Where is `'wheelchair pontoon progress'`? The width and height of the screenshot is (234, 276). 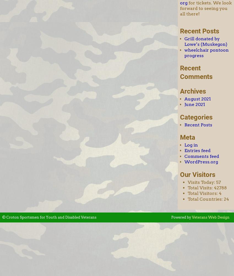
'wheelchair pontoon progress' is located at coordinates (206, 52).